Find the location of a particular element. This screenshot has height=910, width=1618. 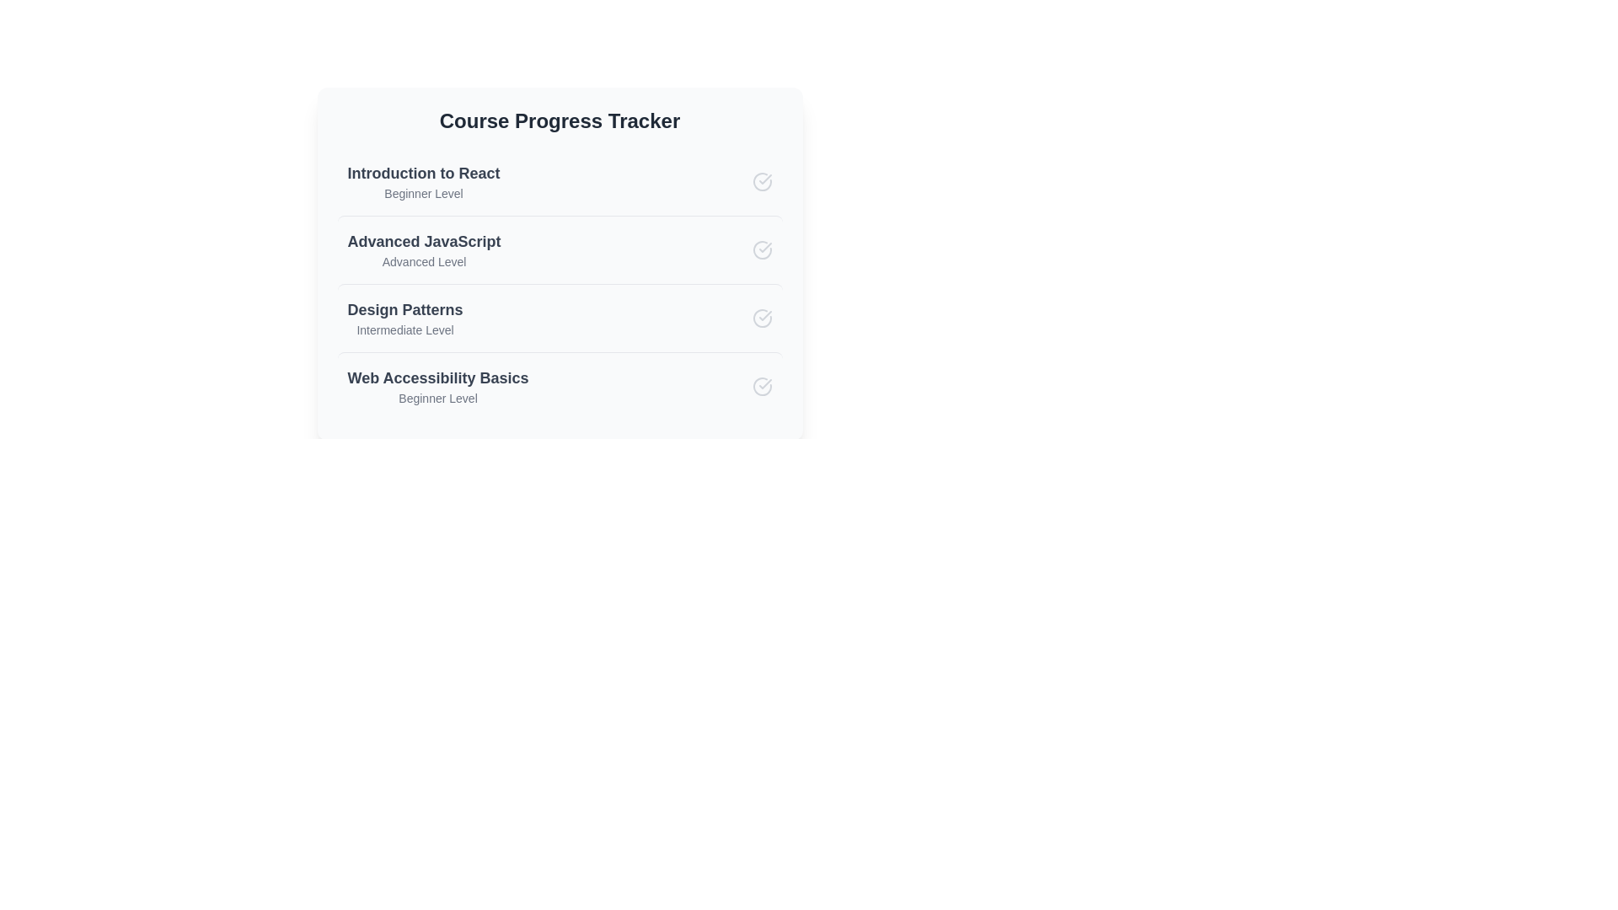

the text label for the 'Design Patterns' course within the Course Progress Tracker, which indicates the course title and difficulty level is located at coordinates (438, 387).